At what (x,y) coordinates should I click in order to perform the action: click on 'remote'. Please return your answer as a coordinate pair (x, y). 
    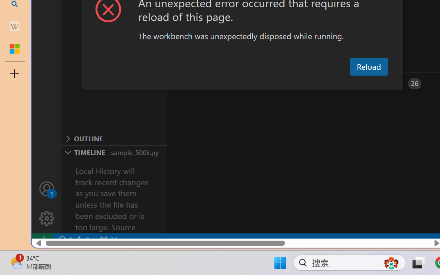
    Looking at the image, I should click on (42, 240).